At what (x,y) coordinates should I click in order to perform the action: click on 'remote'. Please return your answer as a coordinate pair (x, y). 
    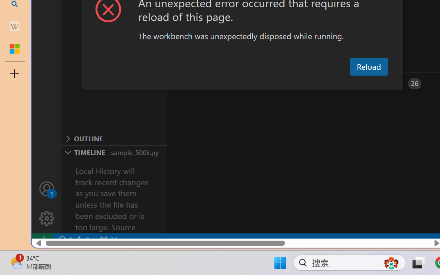
    Looking at the image, I should click on (42, 240).